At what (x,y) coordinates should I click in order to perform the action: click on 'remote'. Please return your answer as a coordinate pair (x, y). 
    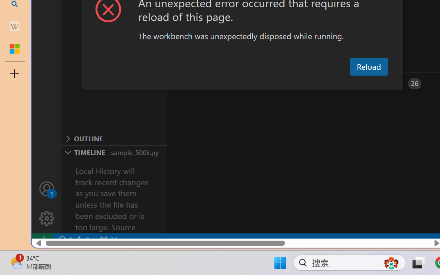
    Looking at the image, I should click on (42, 240).